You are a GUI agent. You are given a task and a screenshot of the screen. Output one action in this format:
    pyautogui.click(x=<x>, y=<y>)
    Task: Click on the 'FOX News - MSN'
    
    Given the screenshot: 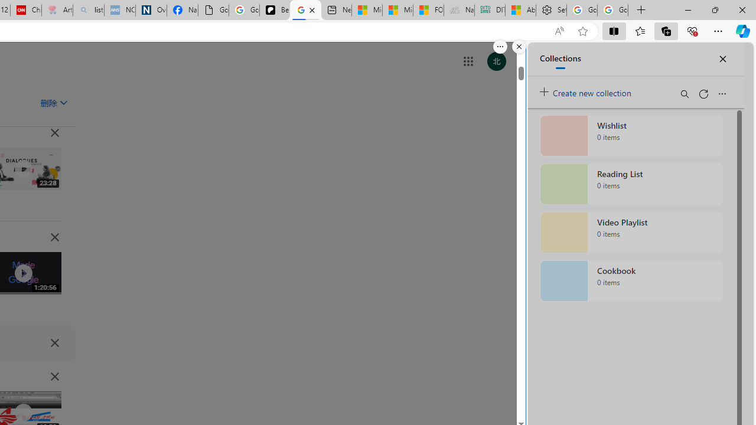 What is the action you would take?
    pyautogui.click(x=428, y=10)
    